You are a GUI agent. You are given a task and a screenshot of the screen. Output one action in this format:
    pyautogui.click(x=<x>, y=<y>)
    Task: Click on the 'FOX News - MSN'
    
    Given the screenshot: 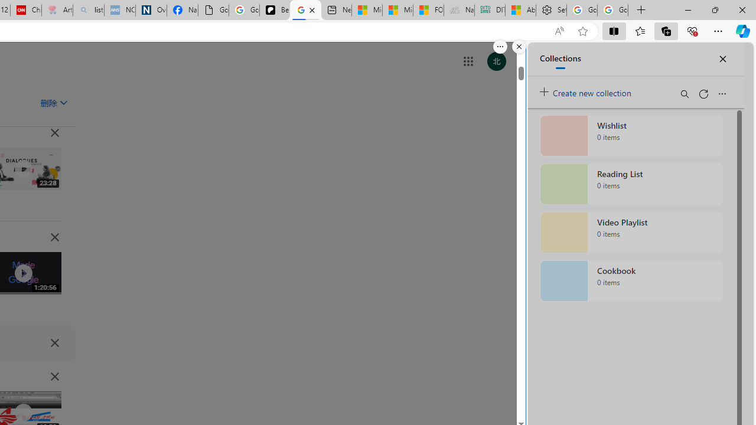 What is the action you would take?
    pyautogui.click(x=428, y=10)
    